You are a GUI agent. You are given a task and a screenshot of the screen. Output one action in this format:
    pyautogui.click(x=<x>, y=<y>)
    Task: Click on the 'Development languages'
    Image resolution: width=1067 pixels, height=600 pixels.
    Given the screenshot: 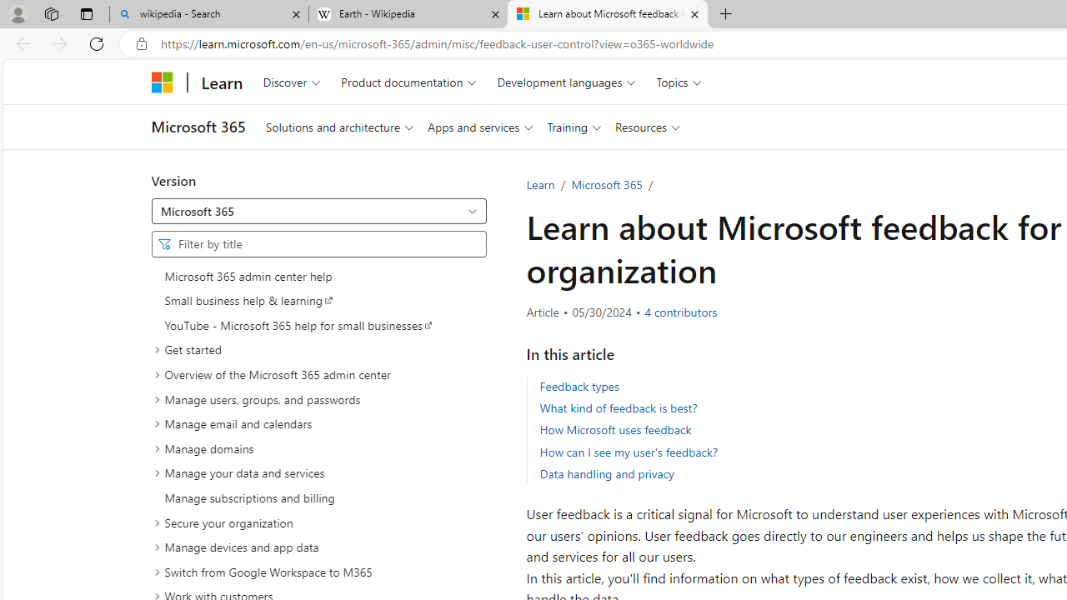 What is the action you would take?
    pyautogui.click(x=566, y=82)
    